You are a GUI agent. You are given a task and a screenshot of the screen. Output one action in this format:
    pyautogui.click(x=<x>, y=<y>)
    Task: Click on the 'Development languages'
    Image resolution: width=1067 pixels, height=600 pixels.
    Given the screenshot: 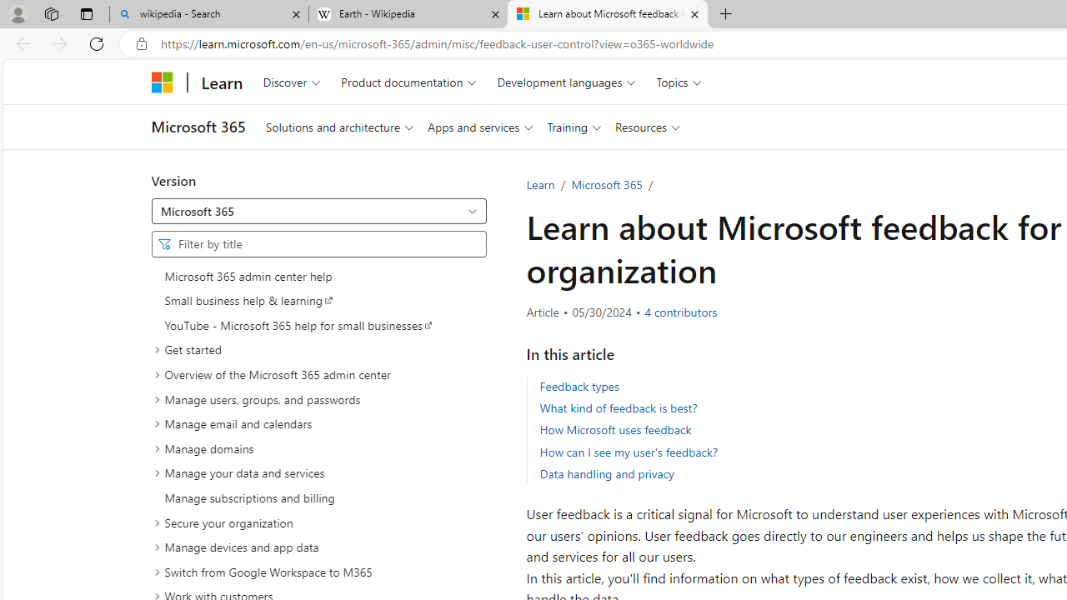 What is the action you would take?
    pyautogui.click(x=566, y=82)
    